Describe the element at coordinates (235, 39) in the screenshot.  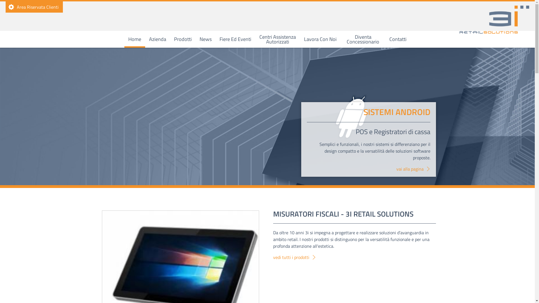
I see `'Fiere Ed Eventi'` at that location.